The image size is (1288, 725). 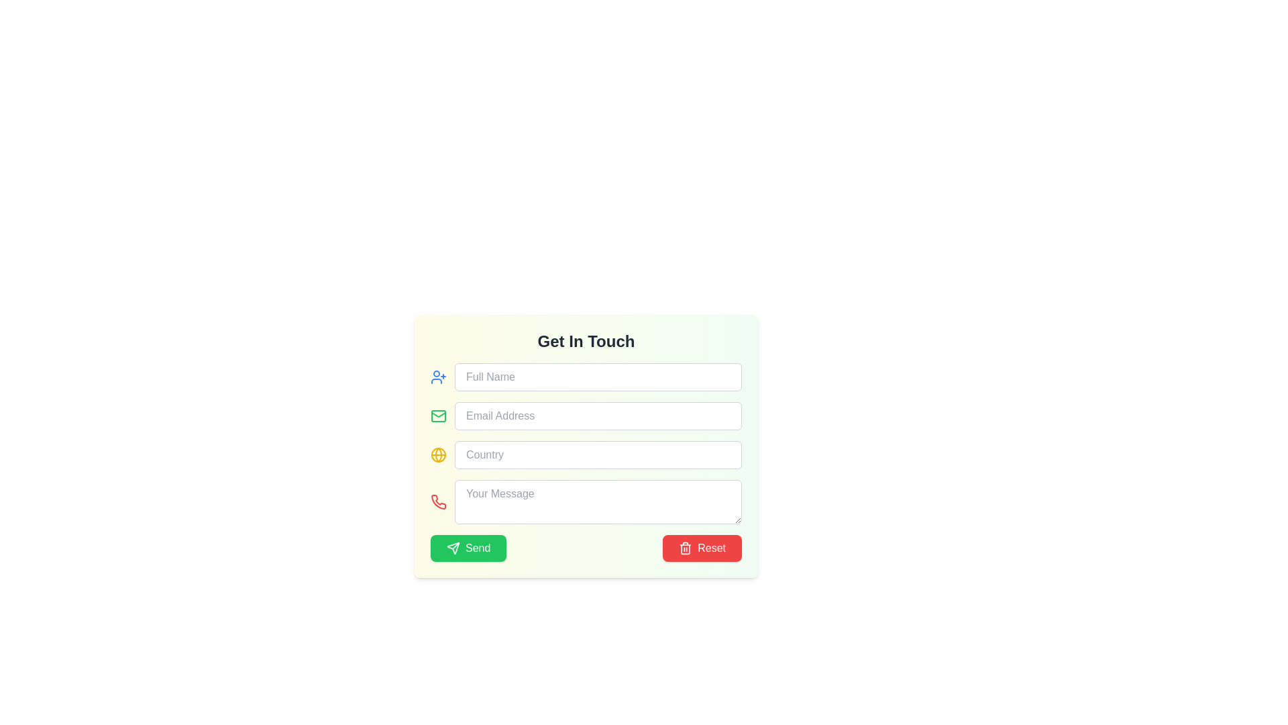 I want to click on the country icon located to the left of the 'Country' input field, which serves as a visual indicator for country-related actions, so click(x=438, y=454).